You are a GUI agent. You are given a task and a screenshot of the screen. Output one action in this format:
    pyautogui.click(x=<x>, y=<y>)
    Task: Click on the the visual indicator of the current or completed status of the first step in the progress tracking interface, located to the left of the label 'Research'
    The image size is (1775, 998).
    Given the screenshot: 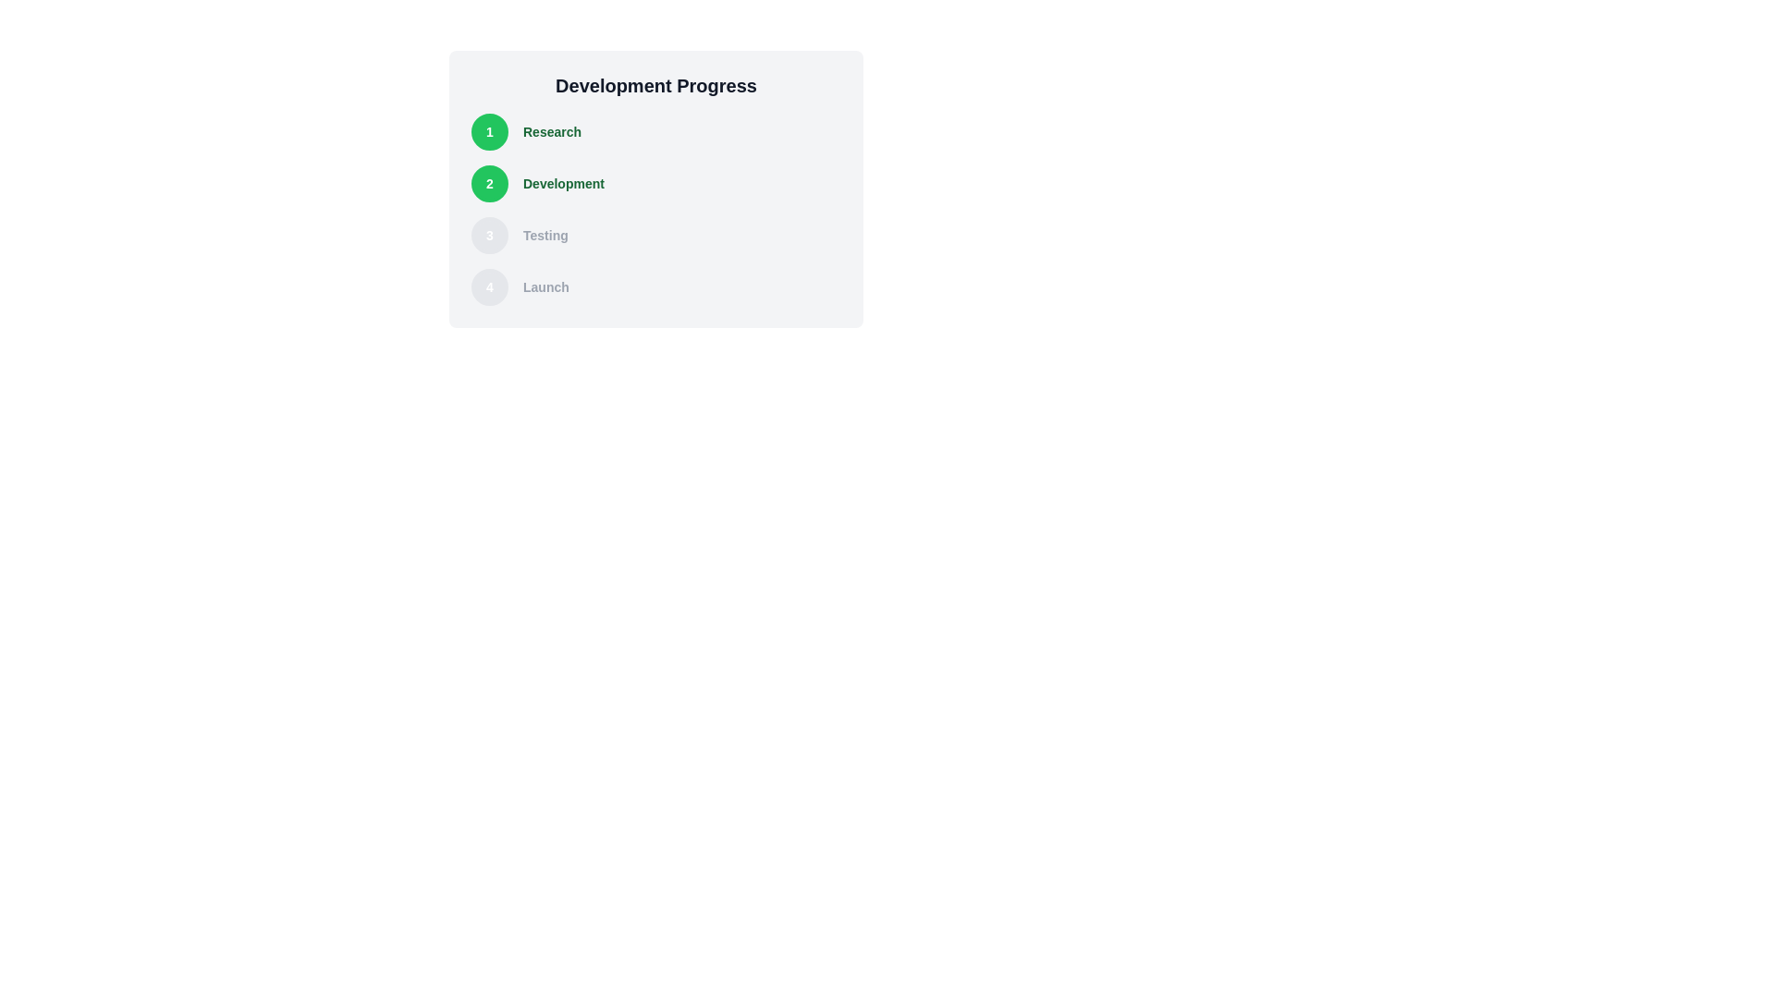 What is the action you would take?
    pyautogui.click(x=489, y=130)
    